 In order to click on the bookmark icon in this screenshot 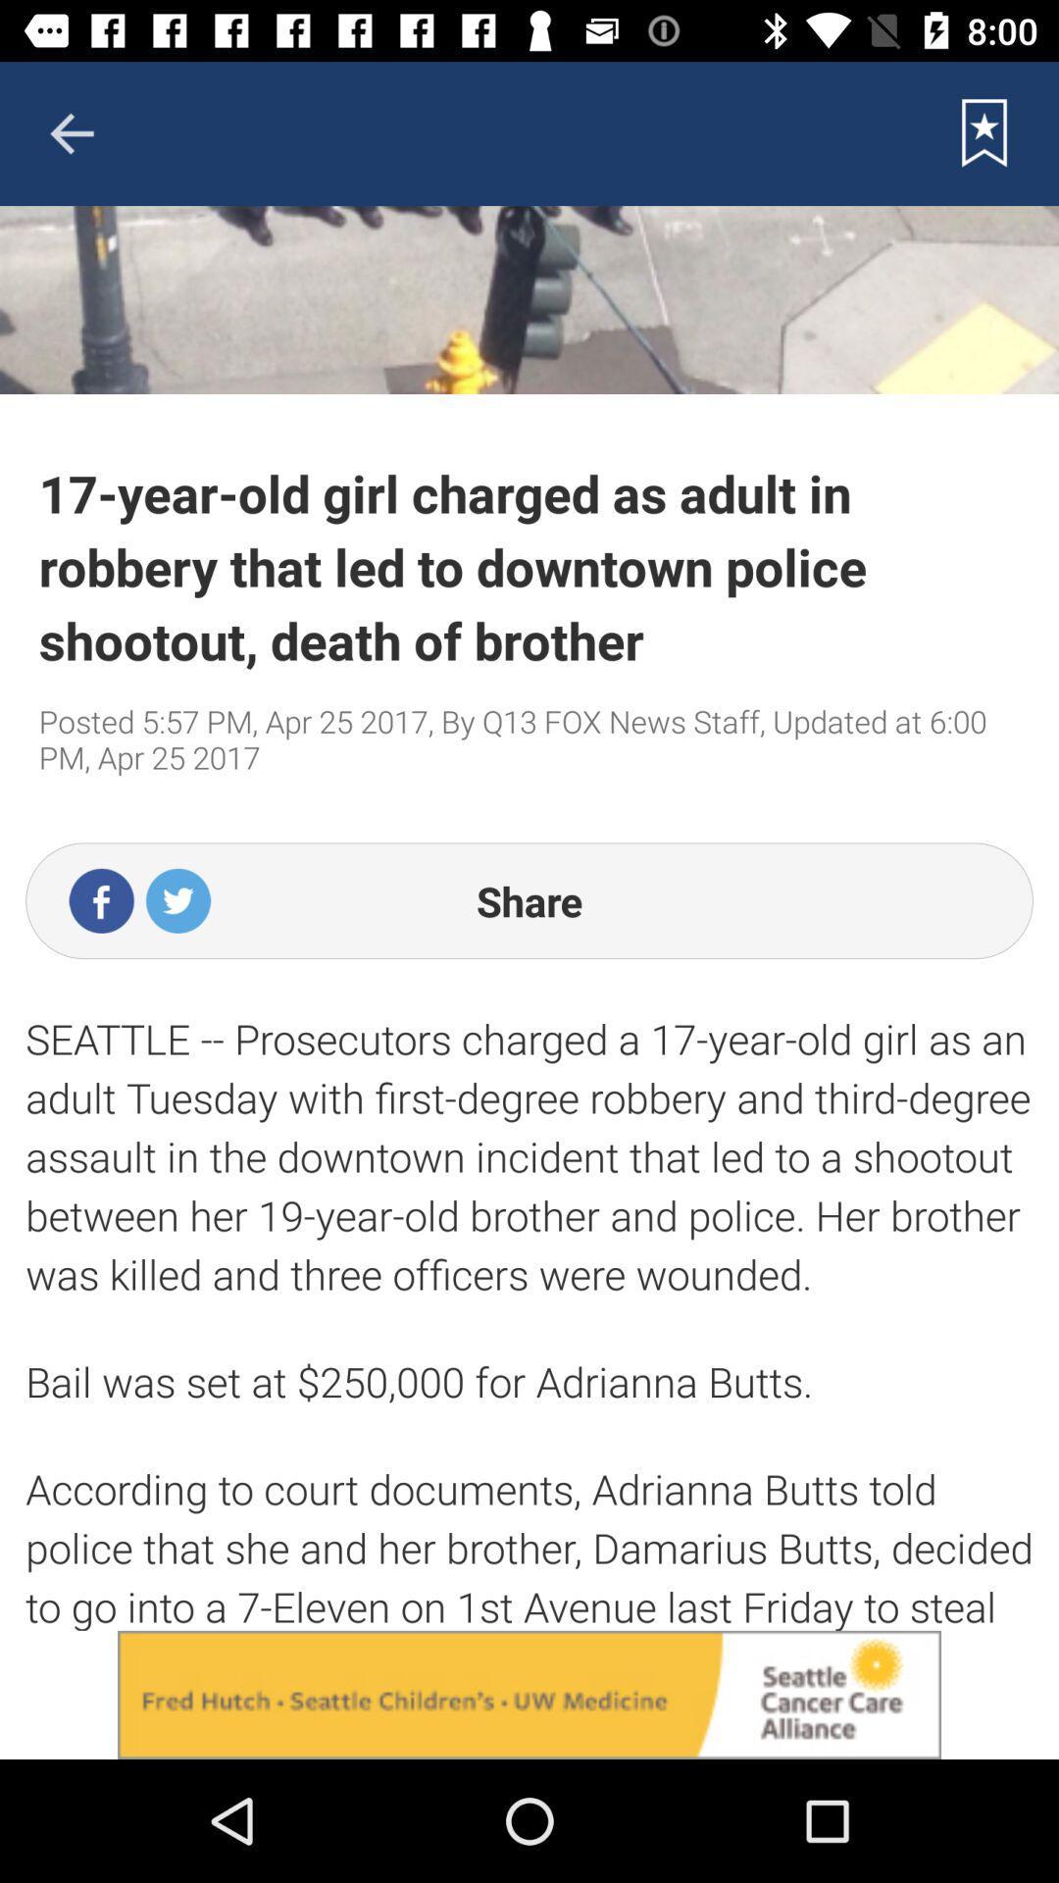, I will do `click(984, 132)`.